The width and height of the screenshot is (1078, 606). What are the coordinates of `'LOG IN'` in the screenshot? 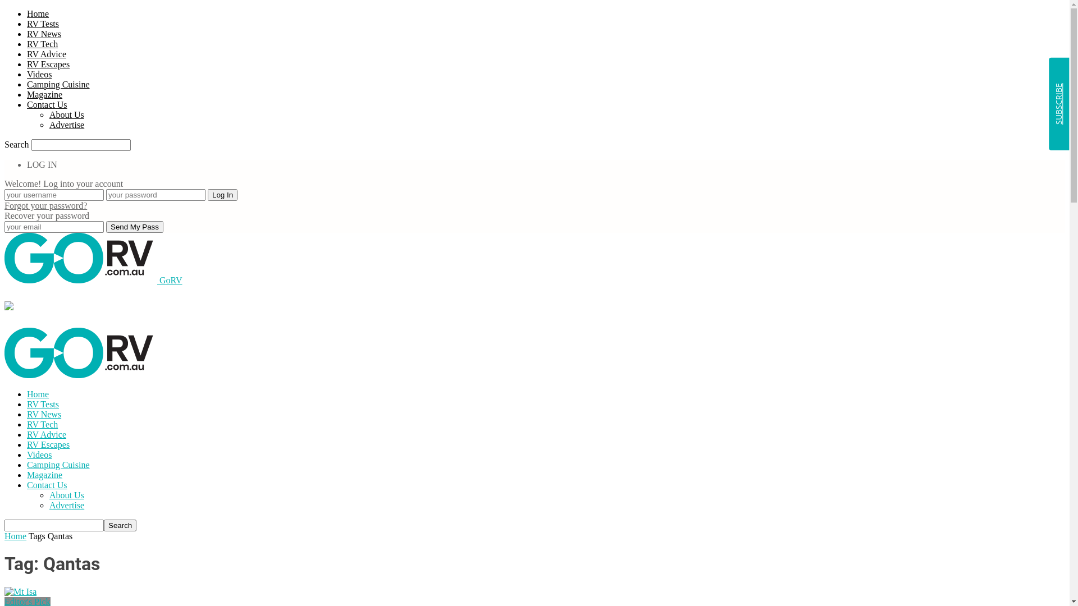 It's located at (42, 164).